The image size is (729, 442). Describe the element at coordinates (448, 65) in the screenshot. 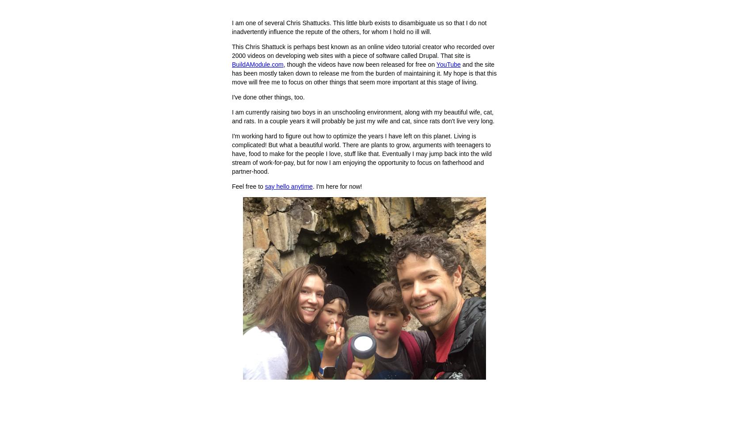

I see `'YouTube'` at that location.